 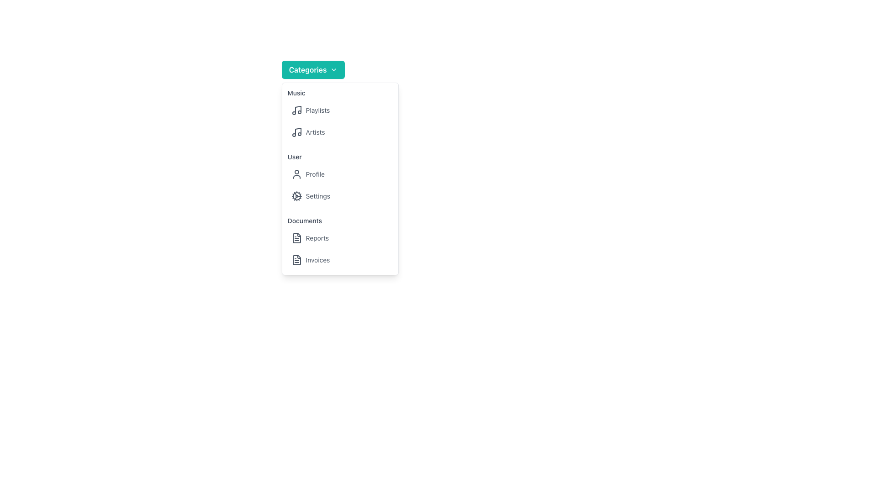 I want to click on the button that triggers the dropdown menu to observe its highlight effect, so click(x=313, y=69).